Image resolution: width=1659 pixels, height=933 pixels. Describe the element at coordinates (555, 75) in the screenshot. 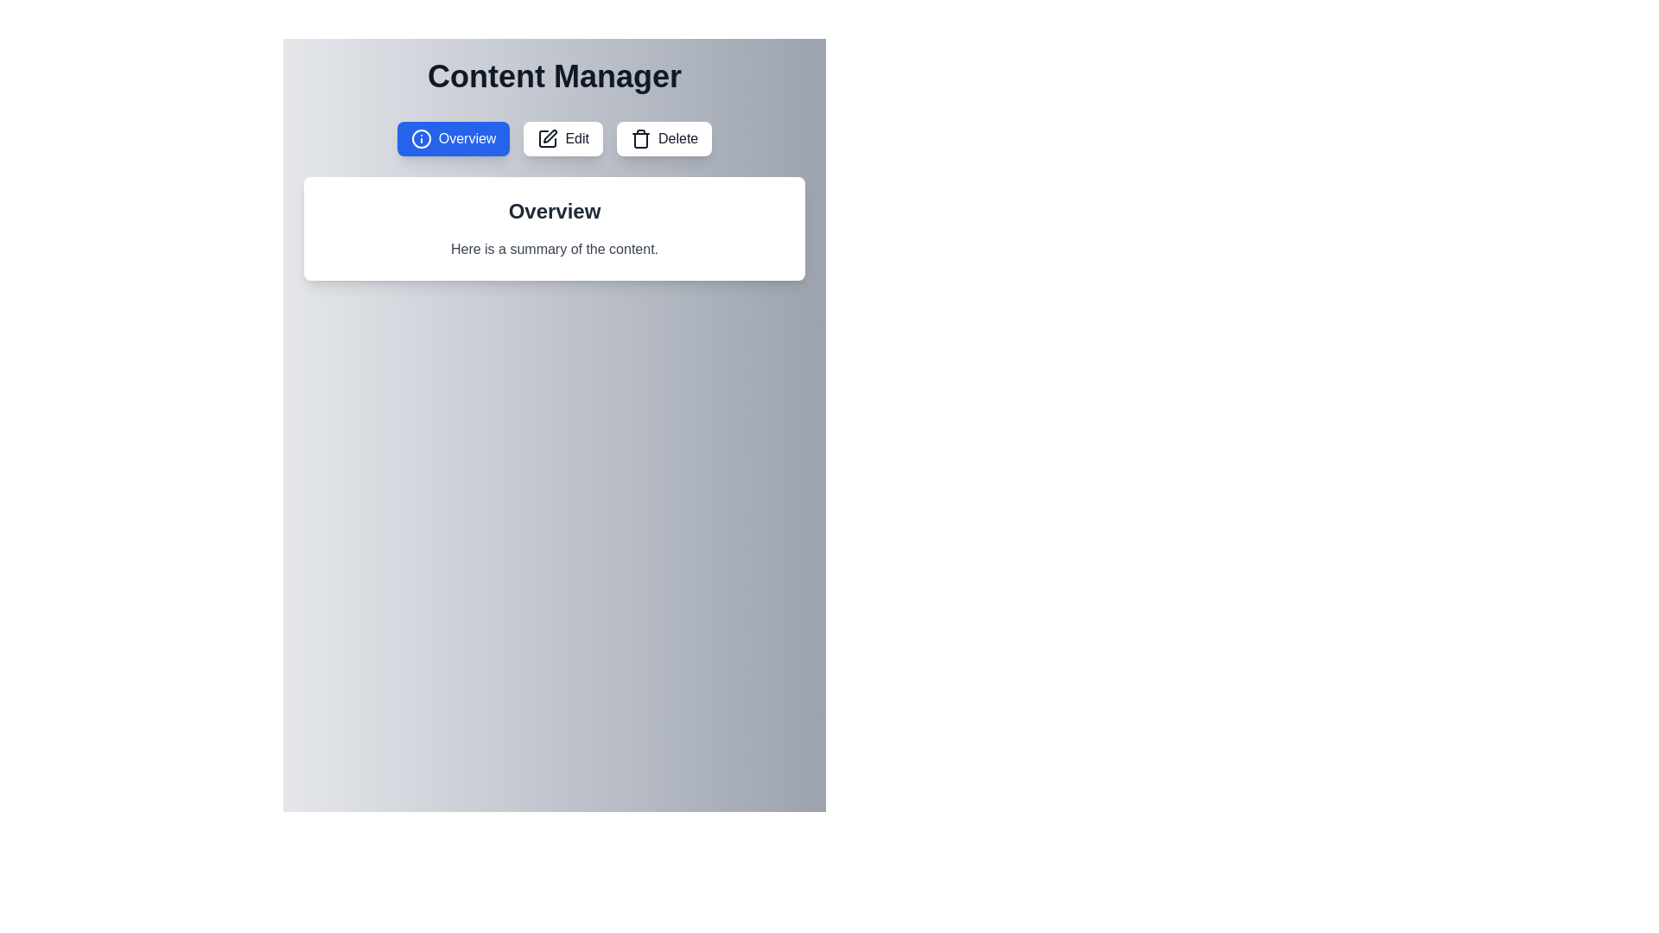

I see `the title text 'Content Manager' to focus on it` at that location.